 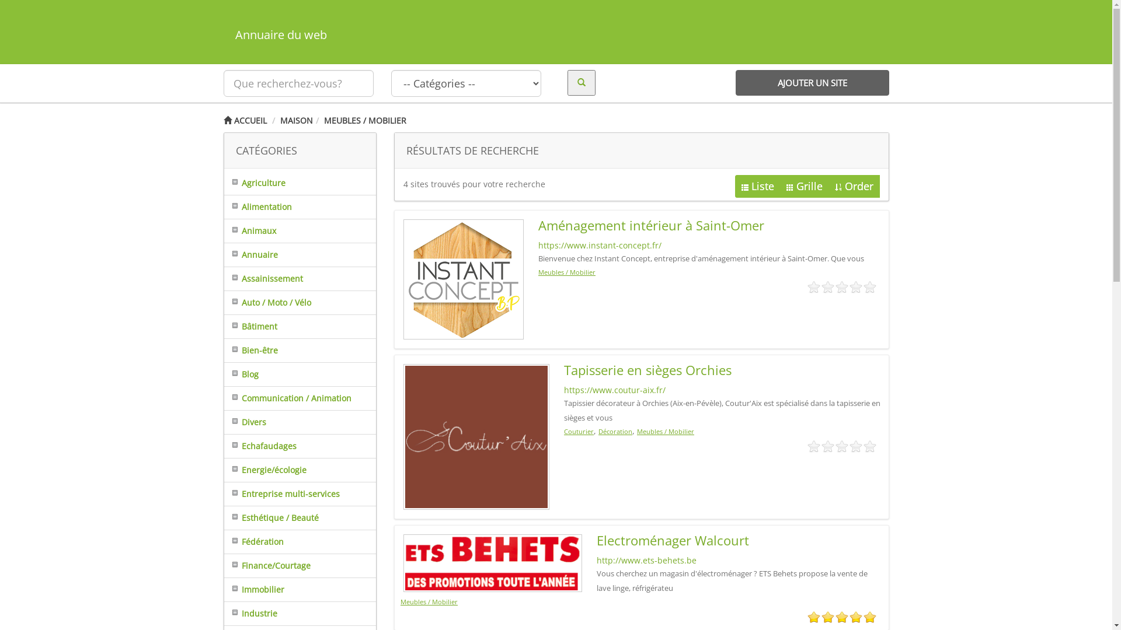 I want to click on 'https://www.instant-concept.fr/', so click(x=600, y=244).